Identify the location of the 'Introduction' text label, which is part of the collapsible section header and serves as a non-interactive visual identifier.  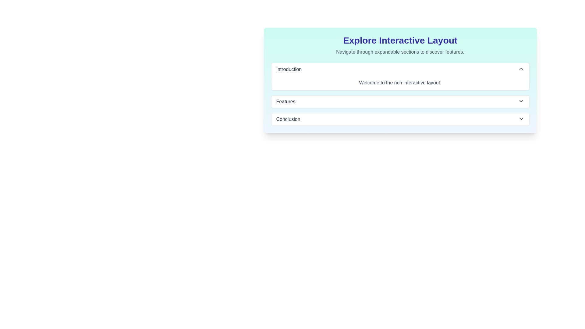
(289, 69).